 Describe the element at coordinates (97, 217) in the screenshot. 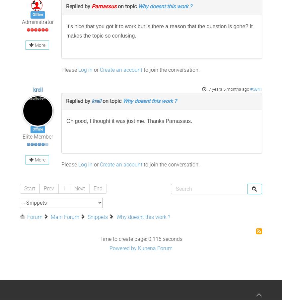

I see `'Snippets'` at that location.